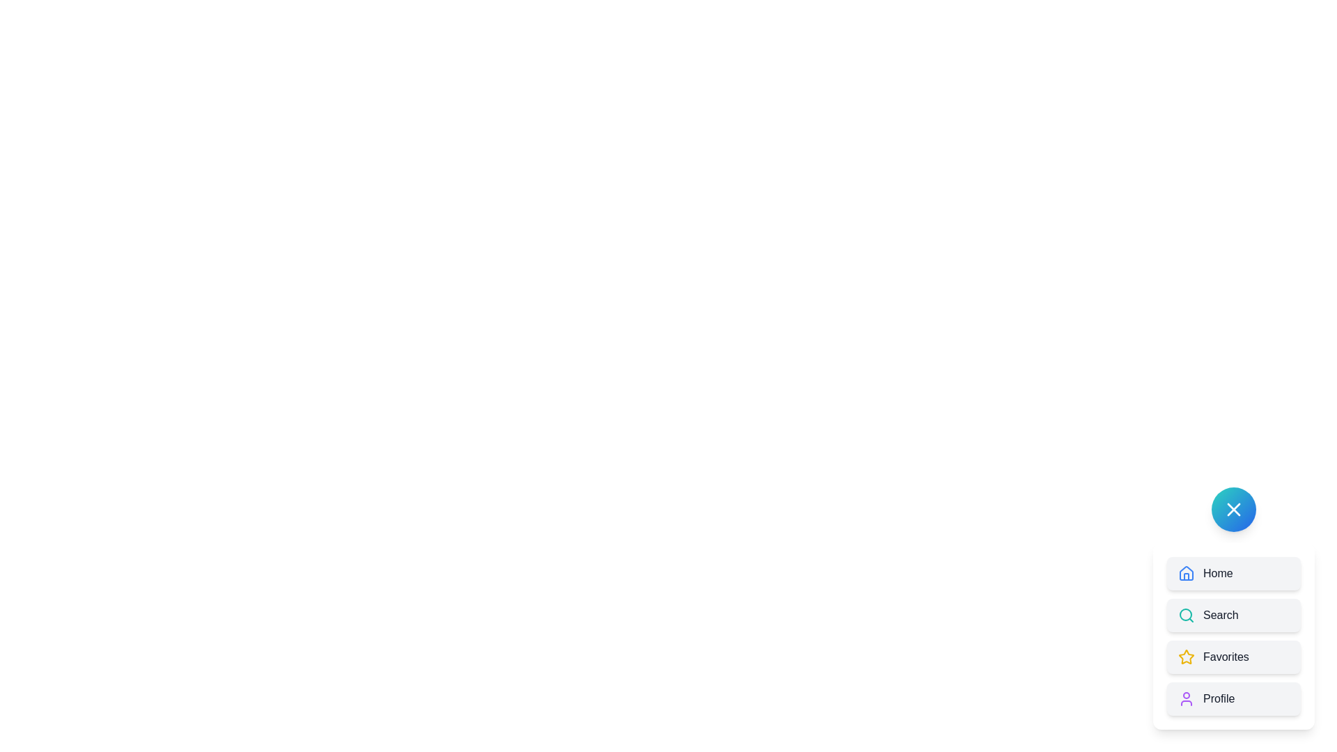 This screenshot has height=752, width=1337. Describe the element at coordinates (1233, 510) in the screenshot. I see `the diagonal cross icon that is centered within a circular button at the top of a vertical menu list, featuring a gradient blue-green background` at that location.